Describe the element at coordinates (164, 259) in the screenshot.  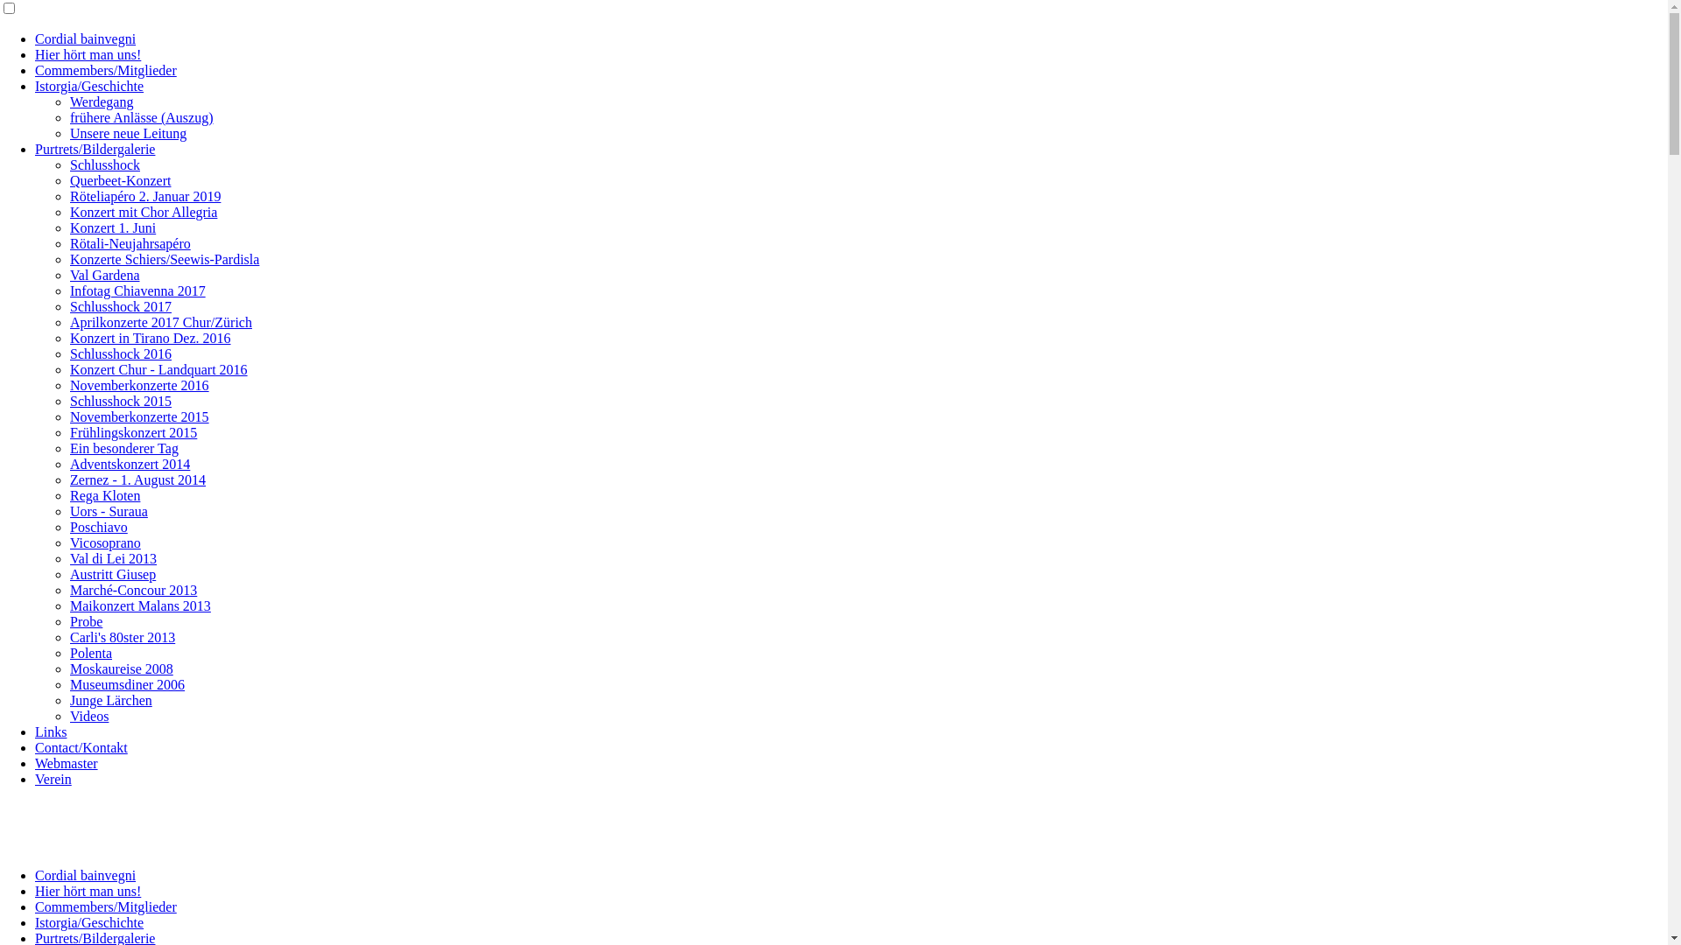
I see `'Konzerte Schiers/Seewis-Pardisla'` at that location.